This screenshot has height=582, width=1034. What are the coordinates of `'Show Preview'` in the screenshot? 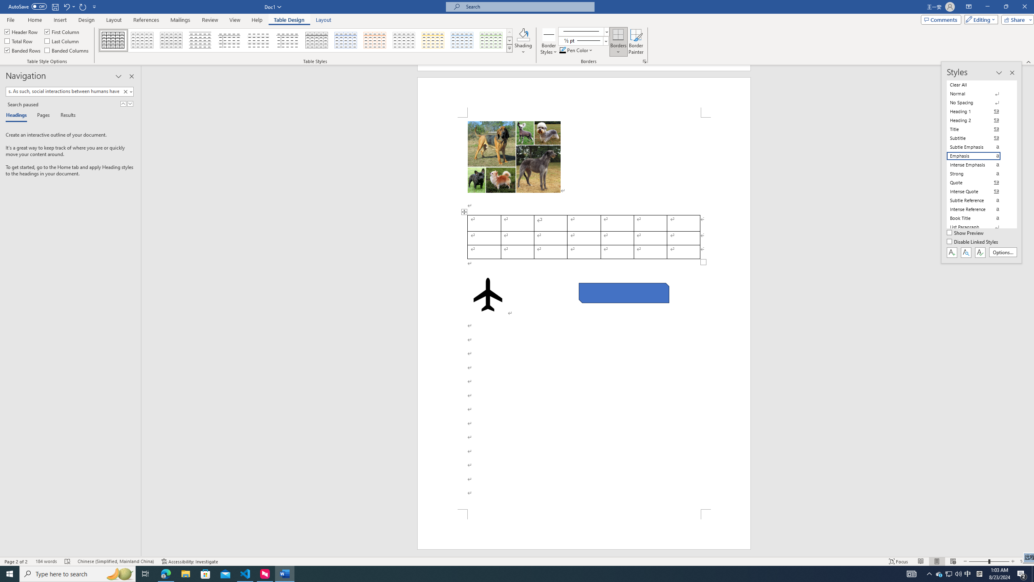 It's located at (966, 233).